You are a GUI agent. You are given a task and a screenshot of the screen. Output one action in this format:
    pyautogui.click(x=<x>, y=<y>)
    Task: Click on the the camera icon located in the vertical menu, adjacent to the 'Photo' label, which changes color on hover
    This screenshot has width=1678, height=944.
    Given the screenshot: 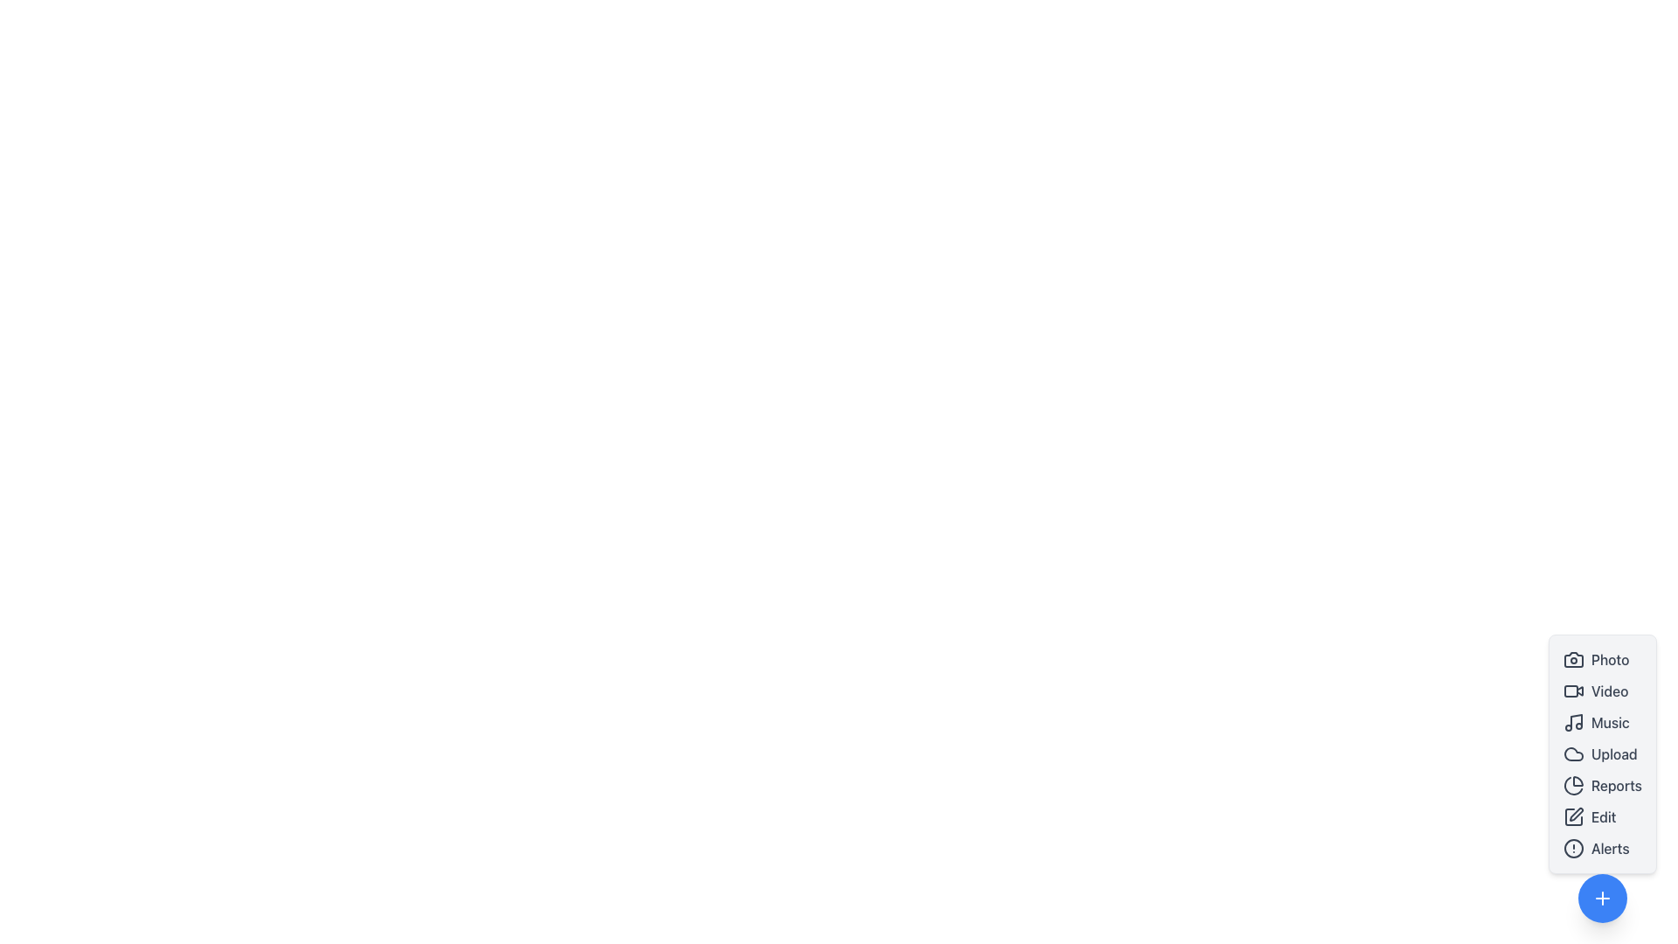 What is the action you would take?
    pyautogui.click(x=1573, y=660)
    